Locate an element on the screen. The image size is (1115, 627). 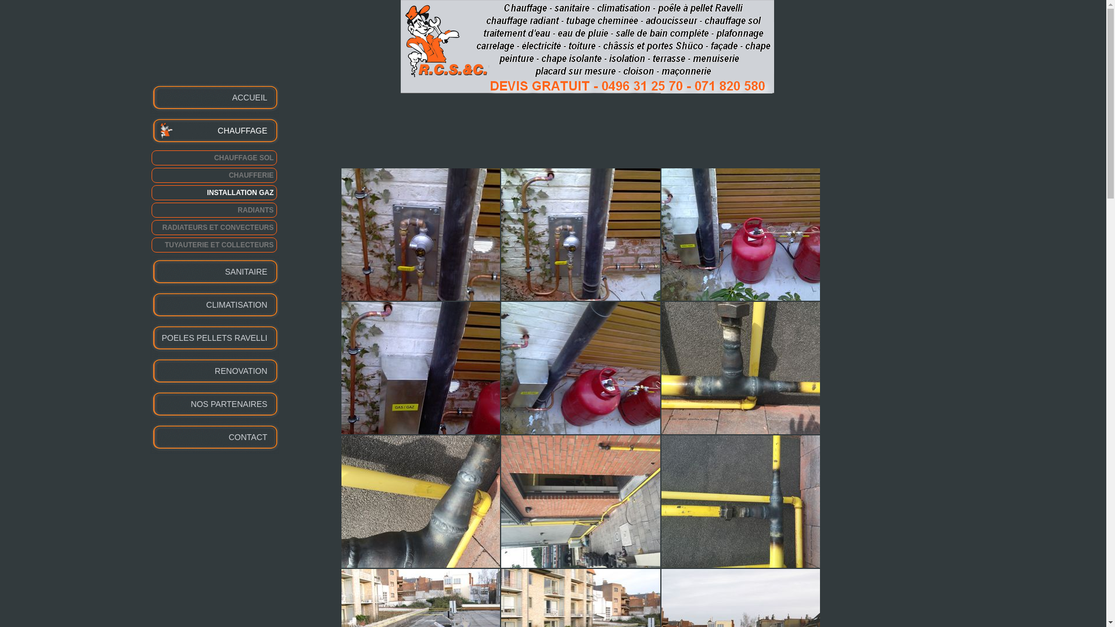
'NOS PARTENAIRES' is located at coordinates (149, 403).